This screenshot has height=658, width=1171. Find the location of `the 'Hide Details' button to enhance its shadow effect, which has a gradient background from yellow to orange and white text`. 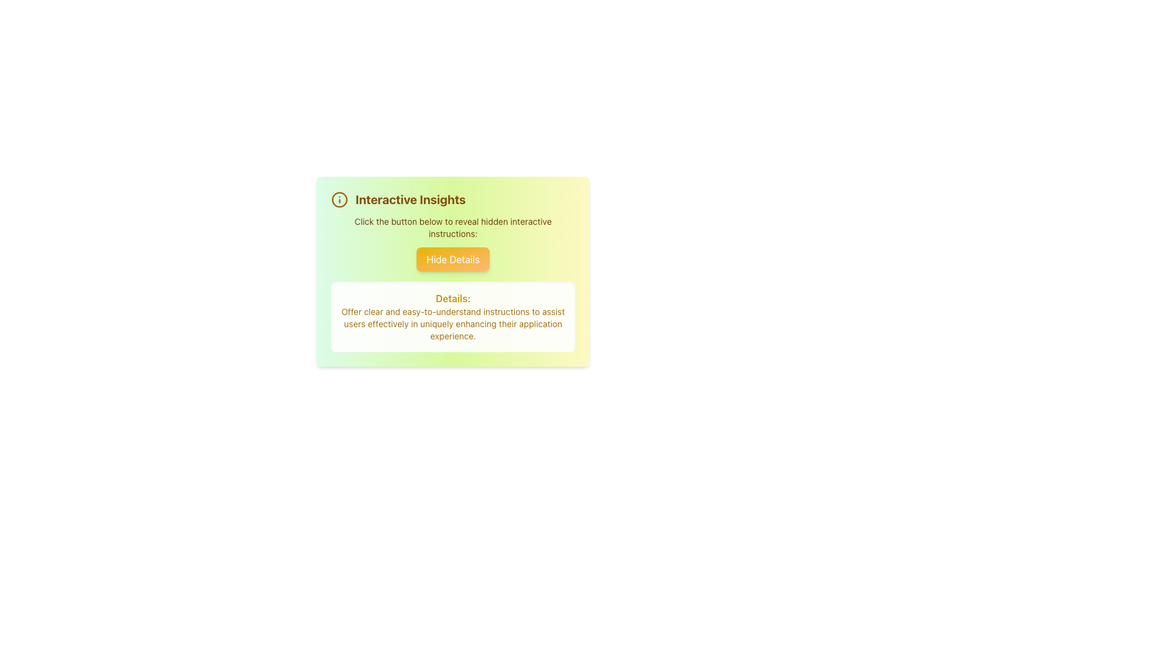

the 'Hide Details' button to enhance its shadow effect, which has a gradient background from yellow to orange and white text is located at coordinates (453, 258).